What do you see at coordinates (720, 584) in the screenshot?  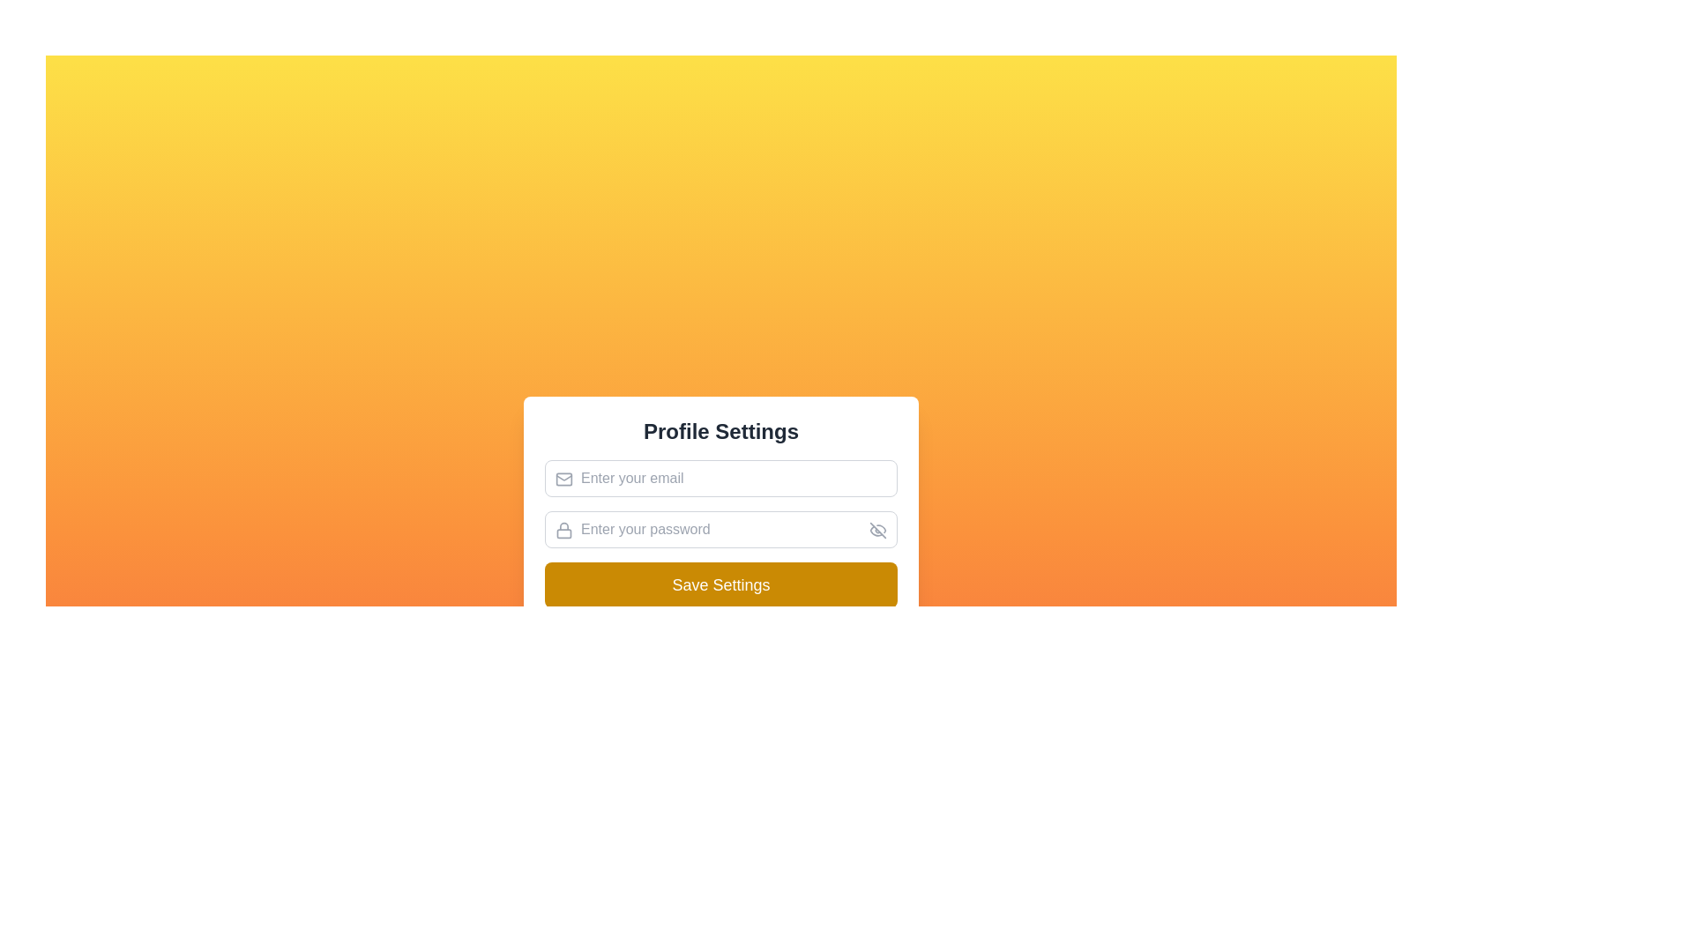 I see `the Submit Button located beneath the password entry field` at bounding box center [720, 584].